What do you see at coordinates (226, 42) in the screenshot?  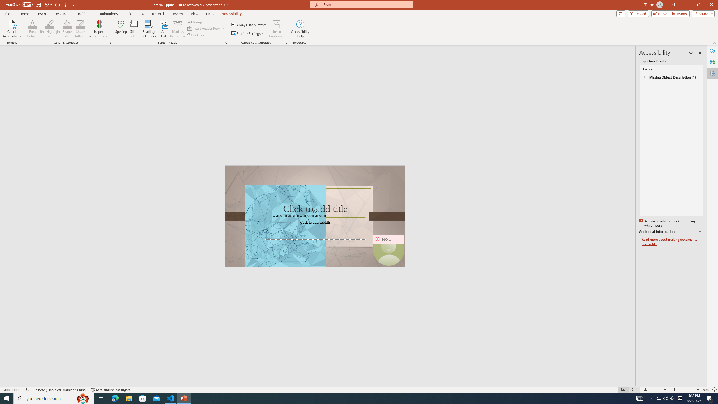 I see `'Screen Reader'` at bounding box center [226, 42].